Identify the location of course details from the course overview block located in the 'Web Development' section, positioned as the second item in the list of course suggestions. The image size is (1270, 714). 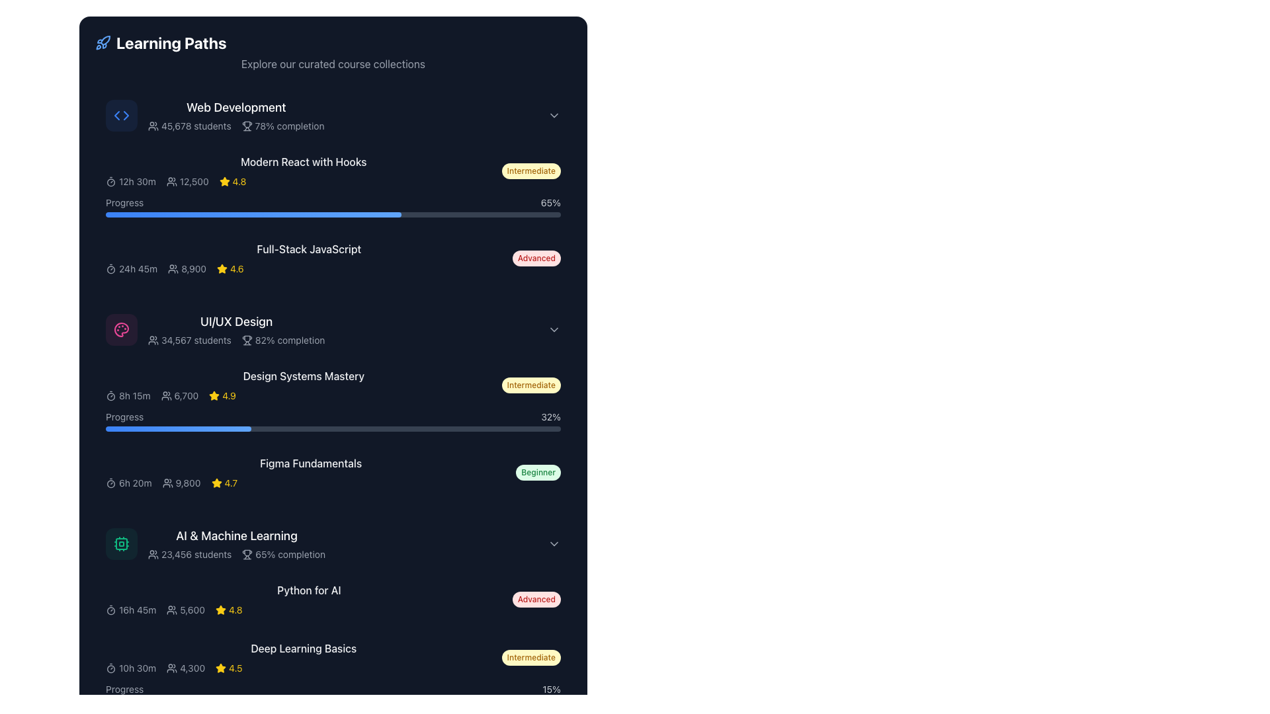
(333, 170).